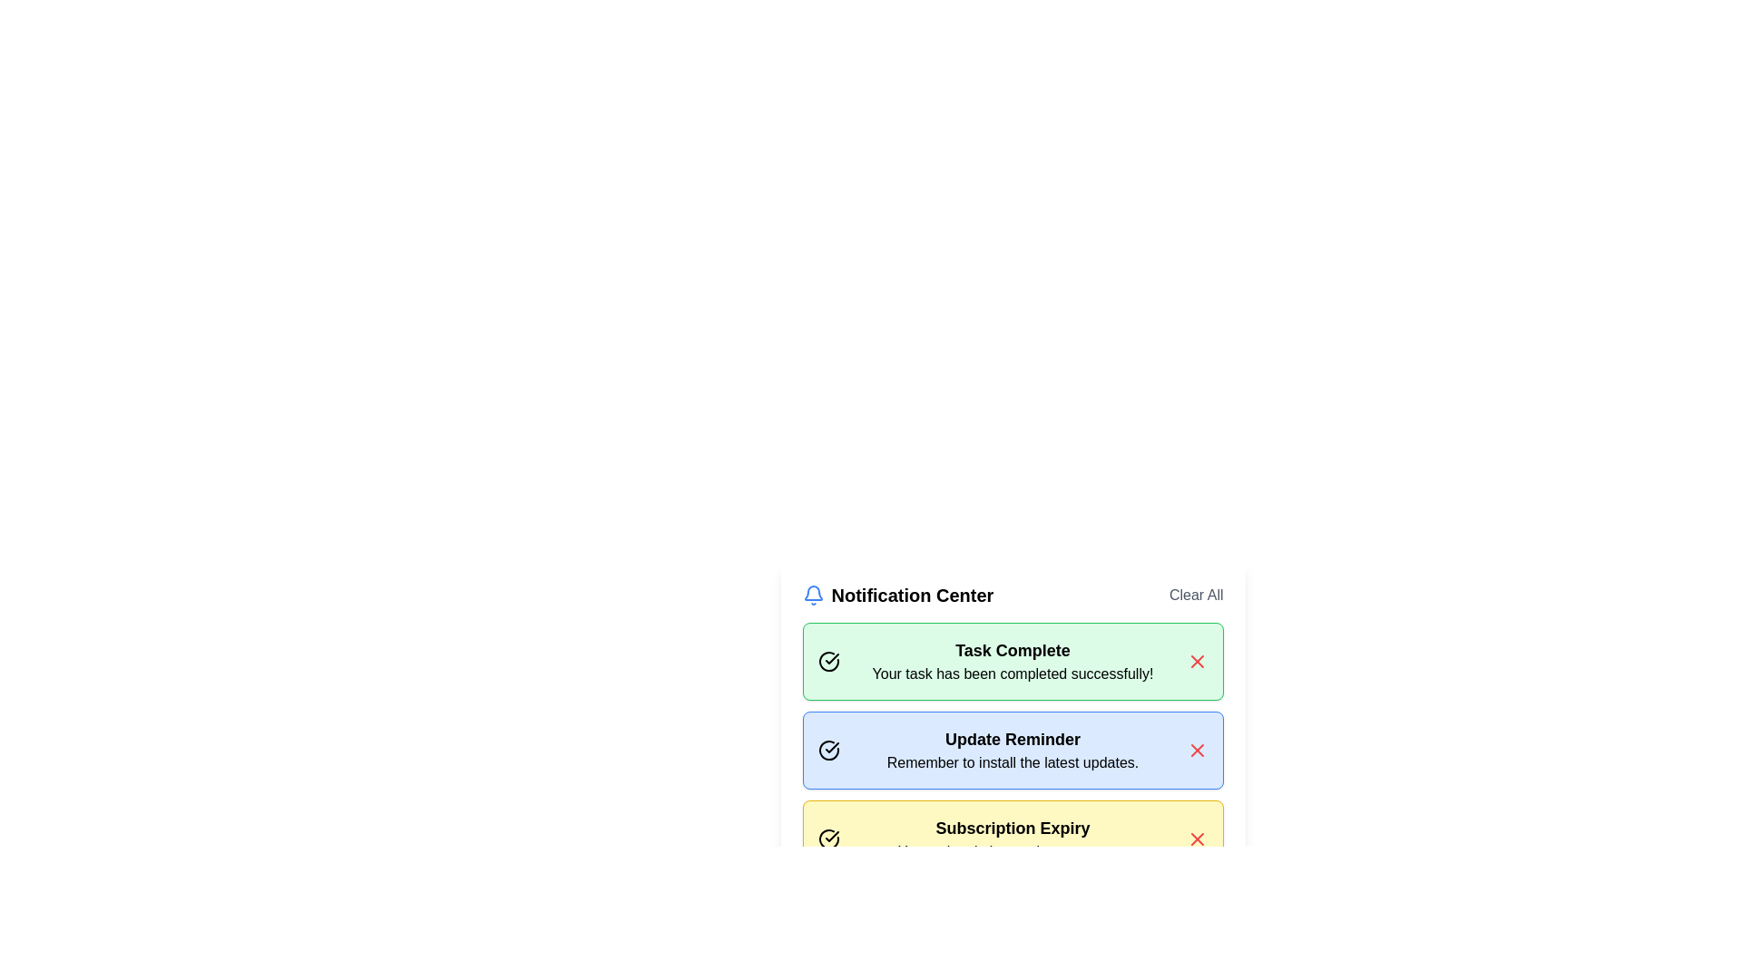 This screenshot has height=979, width=1742. Describe the element at coordinates (827, 751) in the screenshot. I see `the confirmation icon within the 'Update Reminder' notification to understand its symbolic meaning` at that location.